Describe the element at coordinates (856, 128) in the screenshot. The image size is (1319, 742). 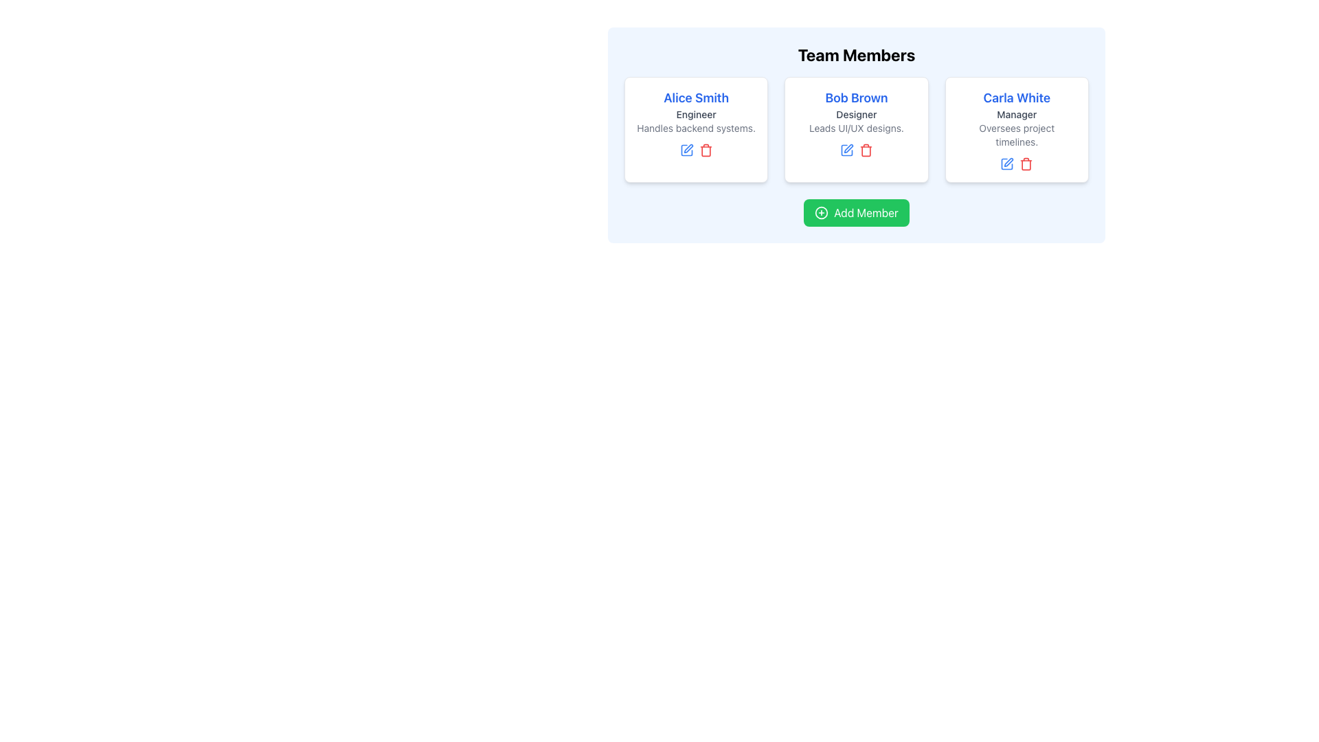
I see `the text label that reads 'Leads UI/UX designs.' located within the white bordered card below the role title 'Designer'` at that location.